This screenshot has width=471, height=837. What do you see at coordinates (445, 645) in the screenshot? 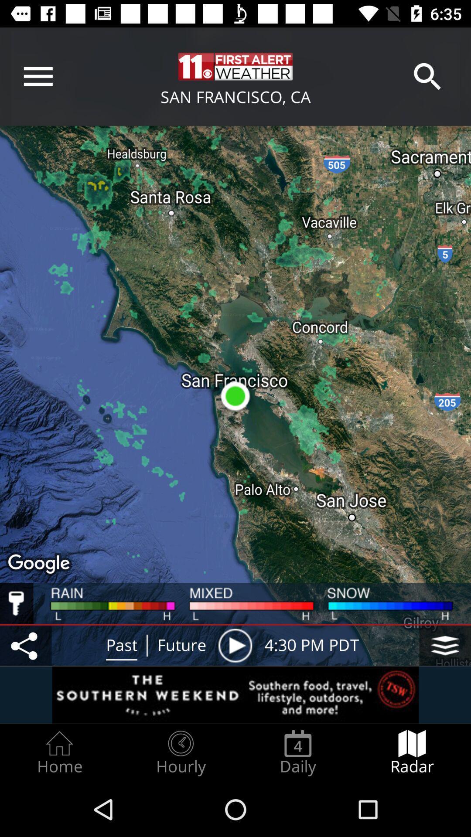
I see `the layers icon` at bounding box center [445, 645].